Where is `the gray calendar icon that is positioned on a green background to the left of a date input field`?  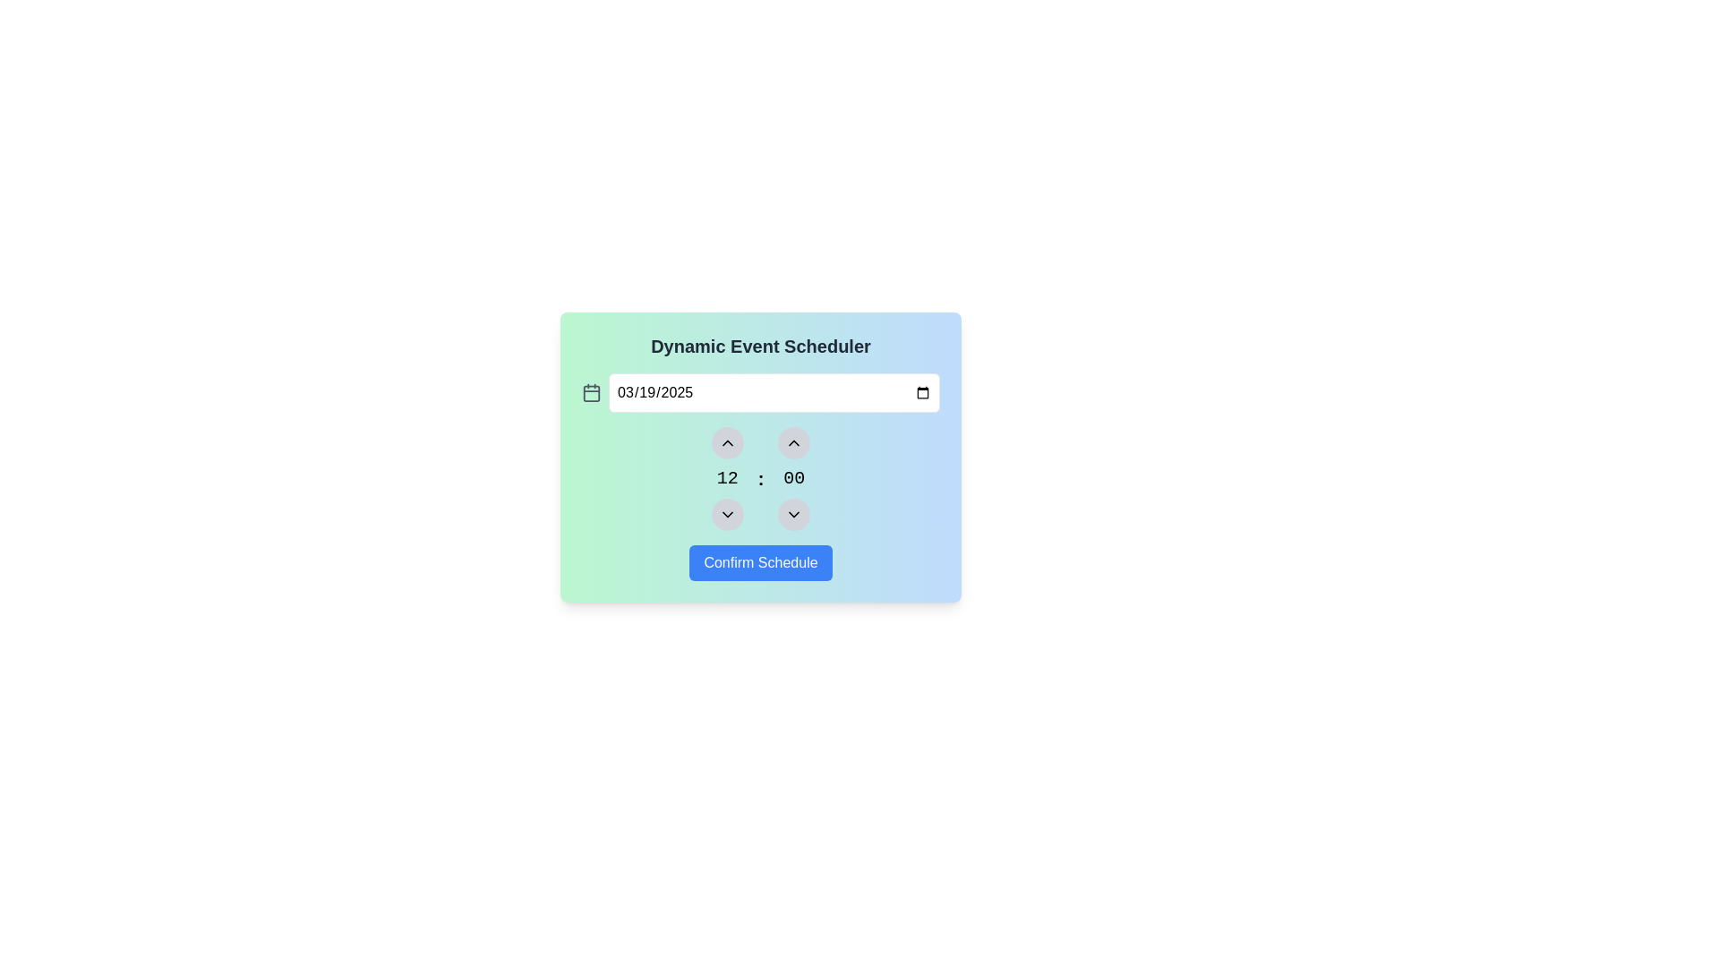
the gray calendar icon that is positioned on a green background to the left of a date input field is located at coordinates (592, 392).